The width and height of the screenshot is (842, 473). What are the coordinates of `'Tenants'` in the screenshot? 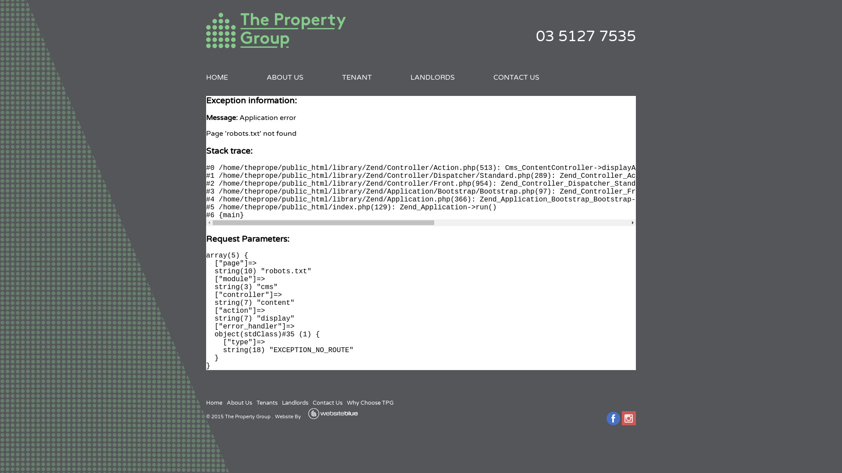 It's located at (267, 403).